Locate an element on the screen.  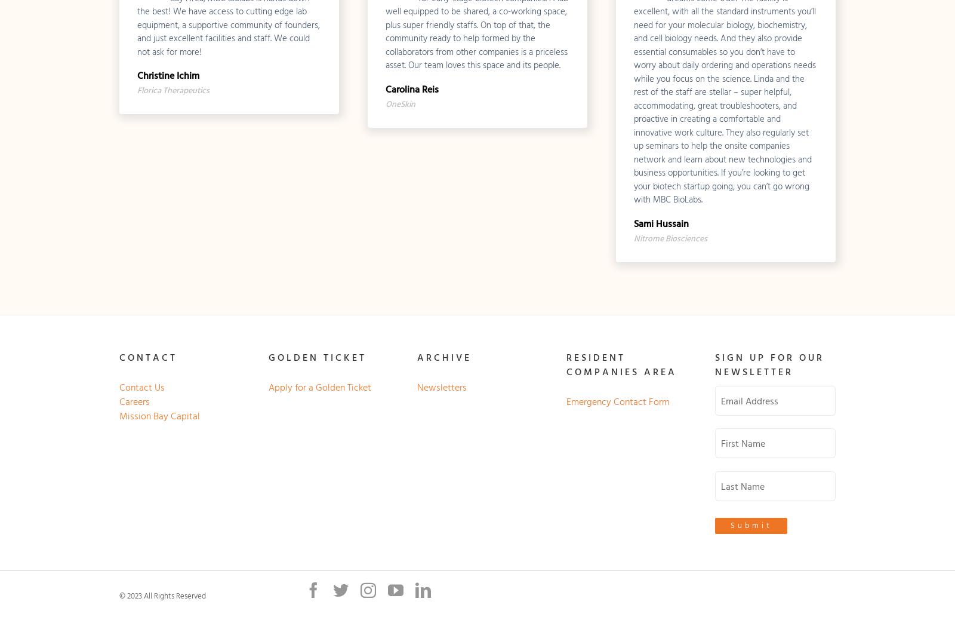
'Apply for a Golden Ticket' is located at coordinates (267, 386).